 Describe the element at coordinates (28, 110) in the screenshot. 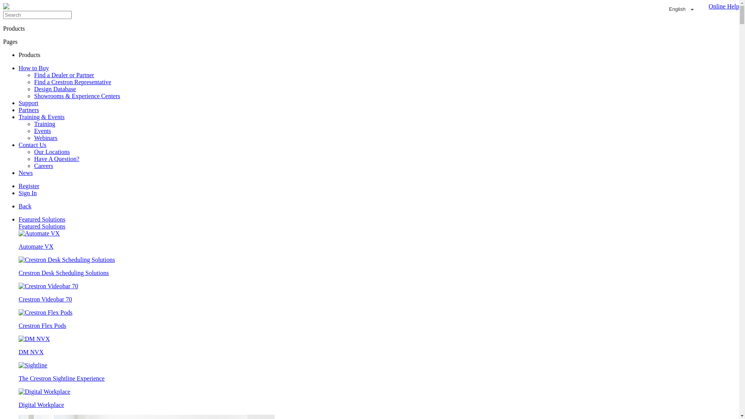

I see `'Partners'` at that location.